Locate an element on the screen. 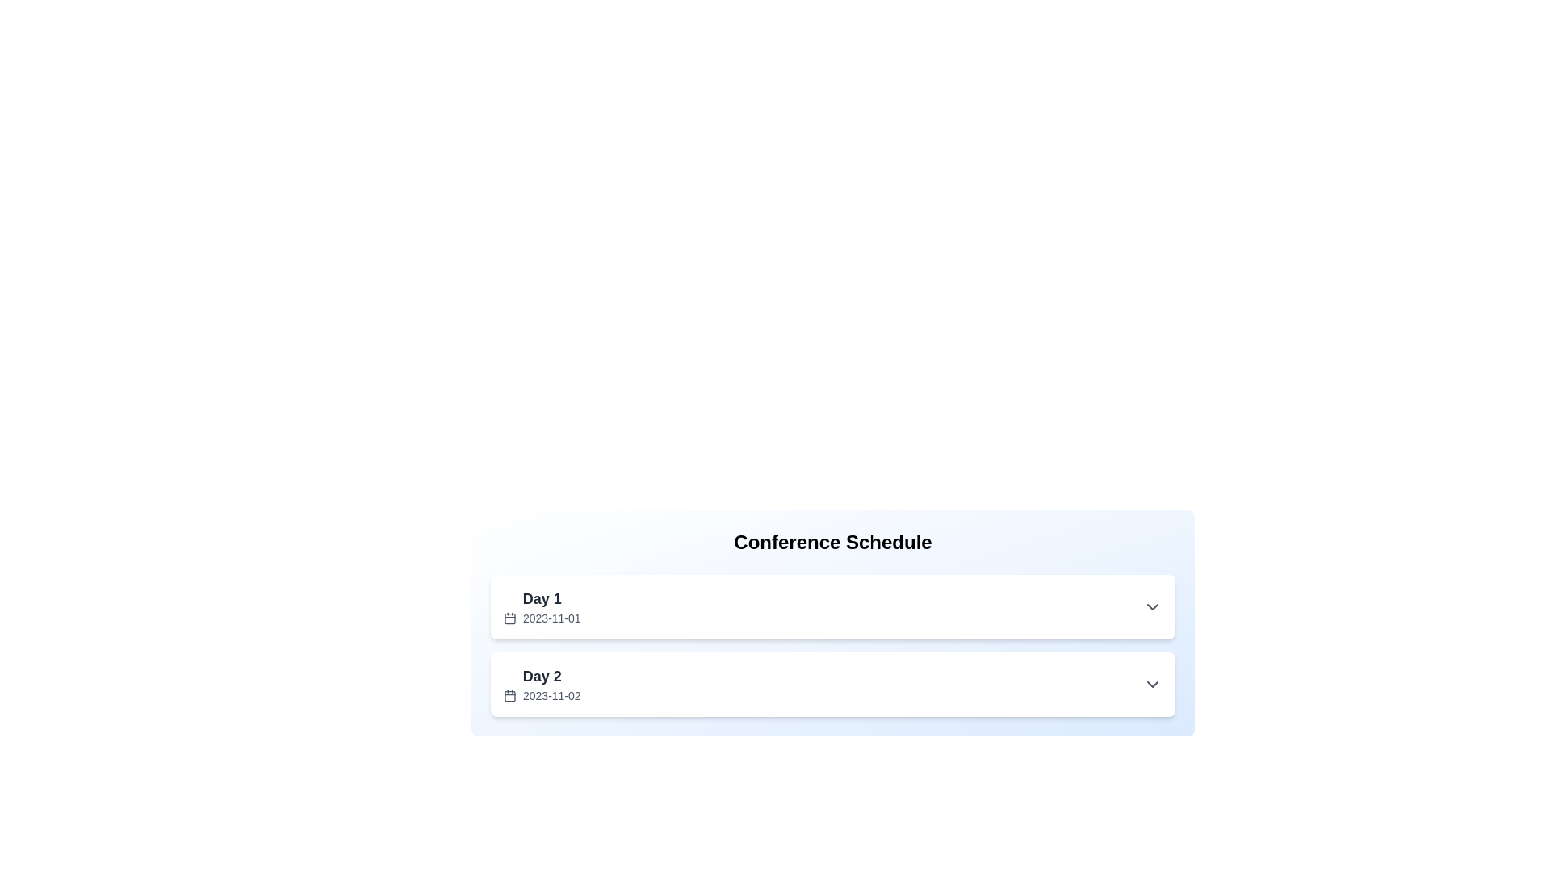  the 'Day 2' text block with associated icon is located at coordinates (542, 685).